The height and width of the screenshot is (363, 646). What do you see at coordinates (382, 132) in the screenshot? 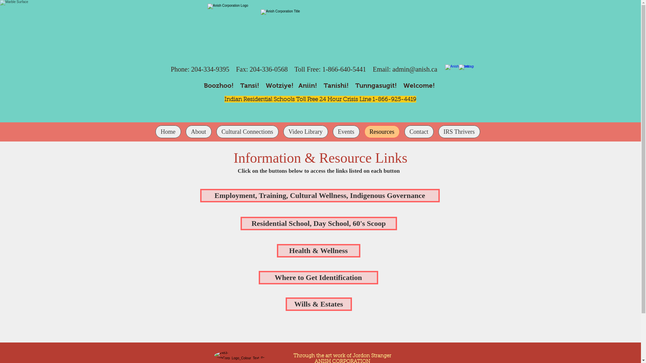
I see `'Resources'` at bounding box center [382, 132].